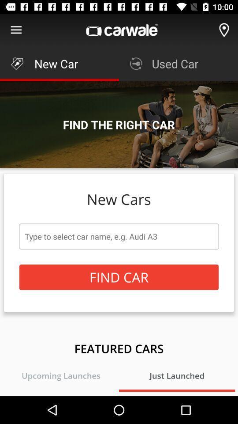 This screenshot has height=424, width=238. What do you see at coordinates (16, 30) in the screenshot?
I see `settings` at bounding box center [16, 30].